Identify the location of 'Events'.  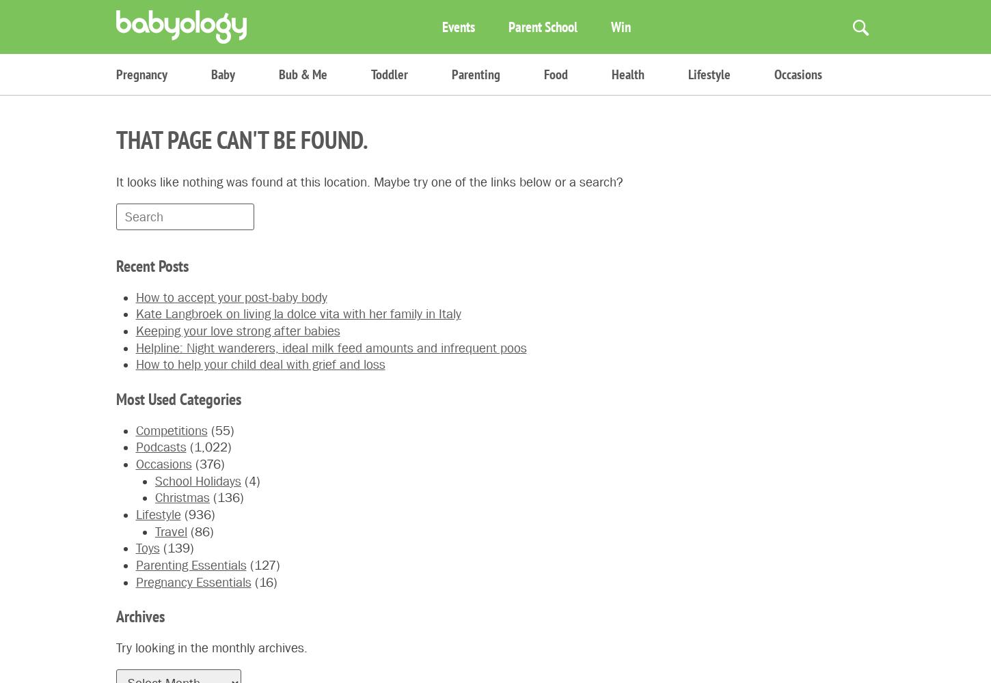
(458, 26).